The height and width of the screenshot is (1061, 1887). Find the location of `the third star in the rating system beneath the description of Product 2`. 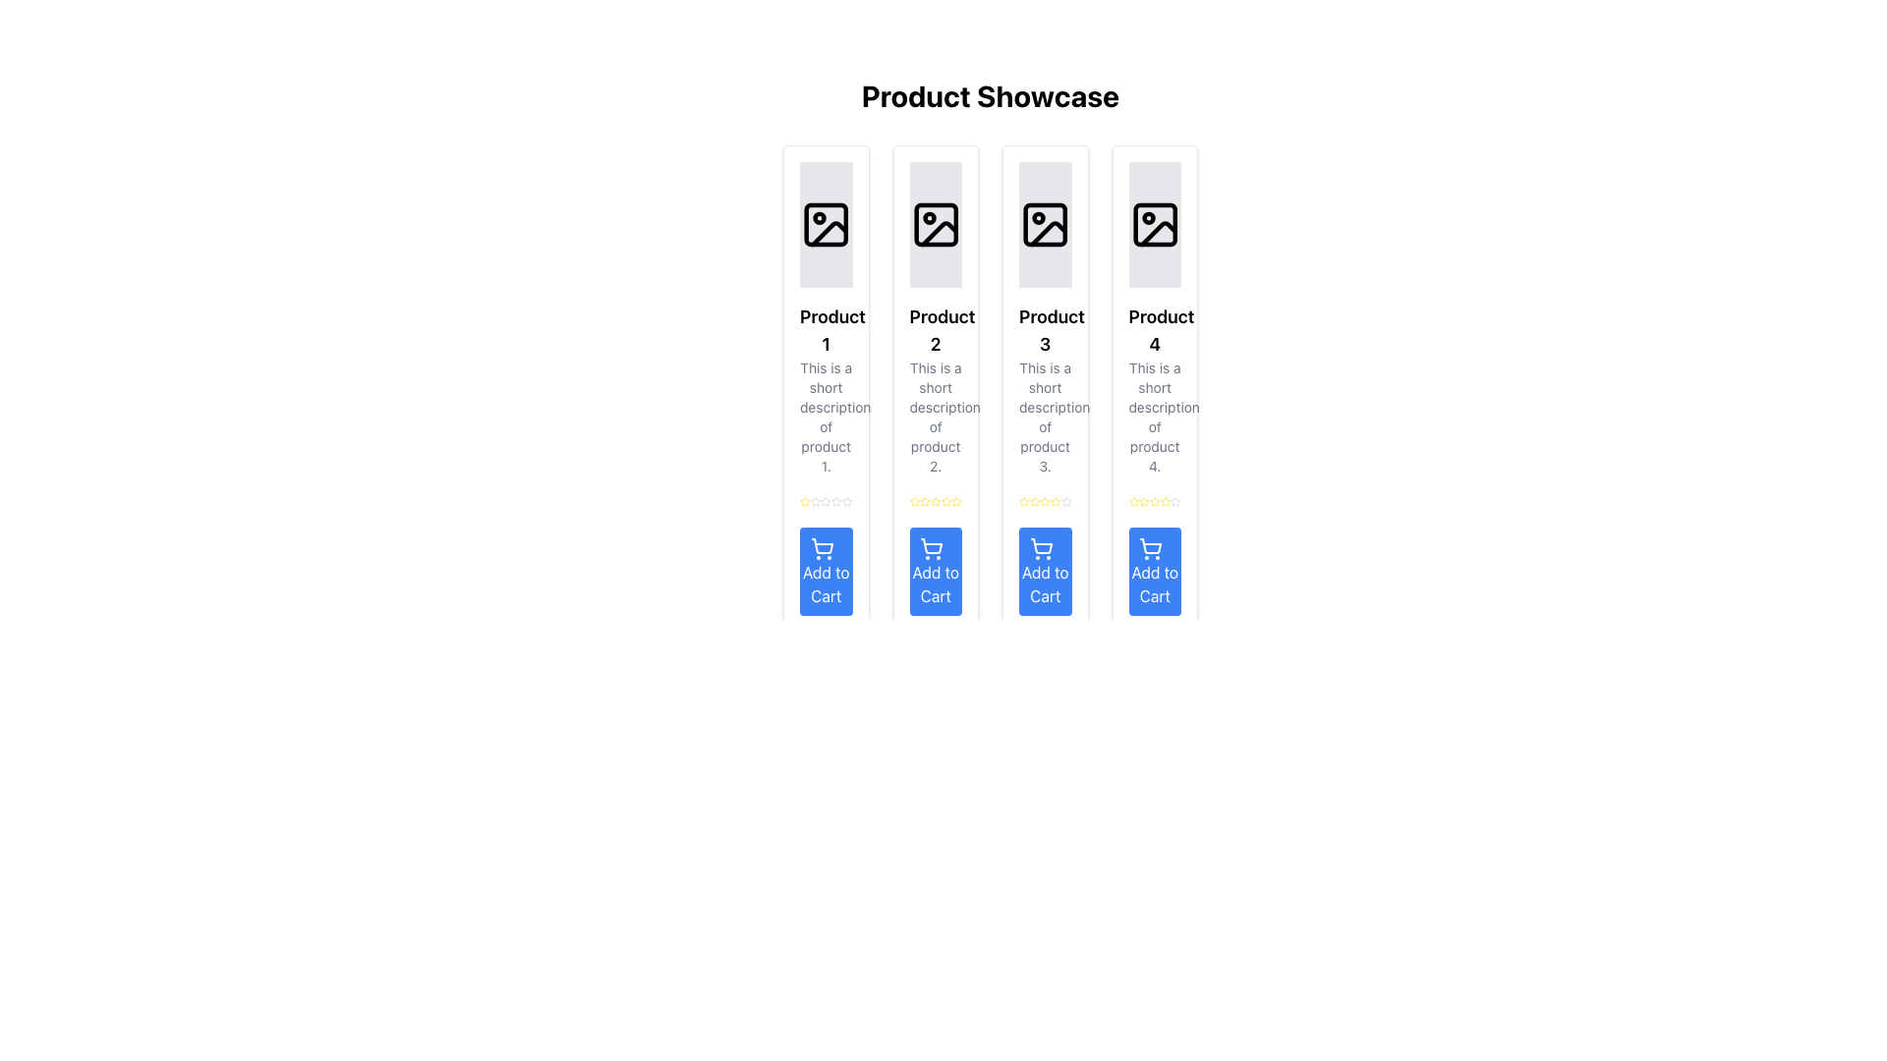

the third star in the rating system beneath the description of Product 2 is located at coordinates (935, 500).